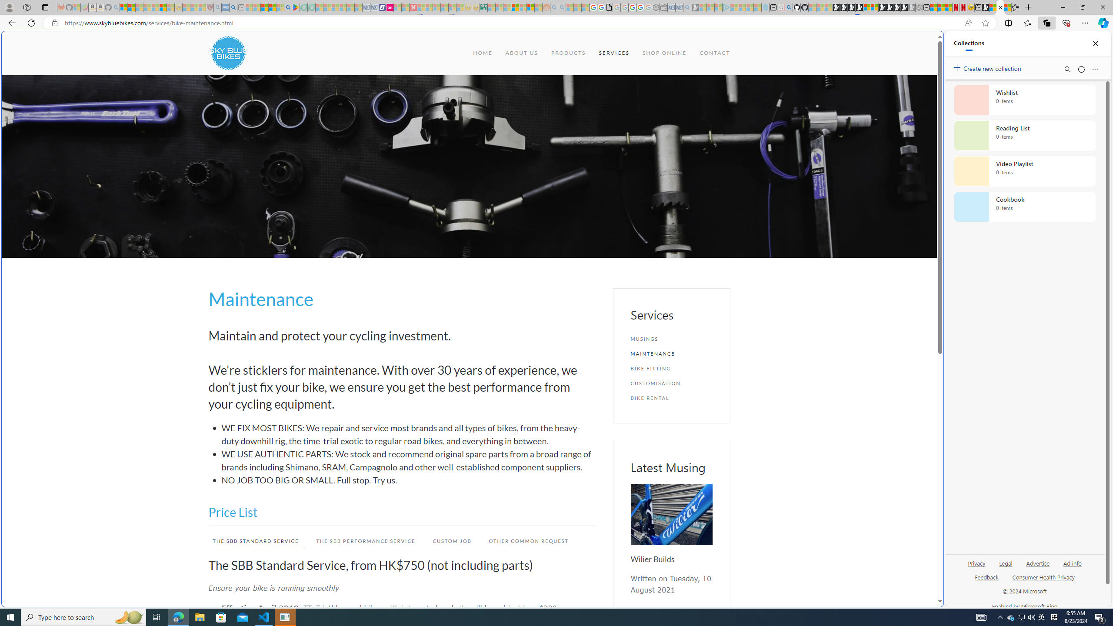  I want to click on 'Bing Real Estate - Home sales and rental listings - Sleeping', so click(686, 7).